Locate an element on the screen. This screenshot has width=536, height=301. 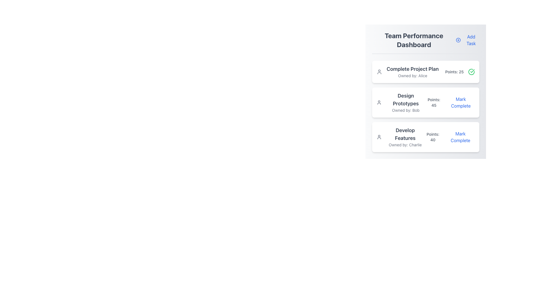
the checkmark icon that indicates a completed task, located to the right of the text 'Points: 25' within the 'Complete Project Plan' card is located at coordinates (472, 71).